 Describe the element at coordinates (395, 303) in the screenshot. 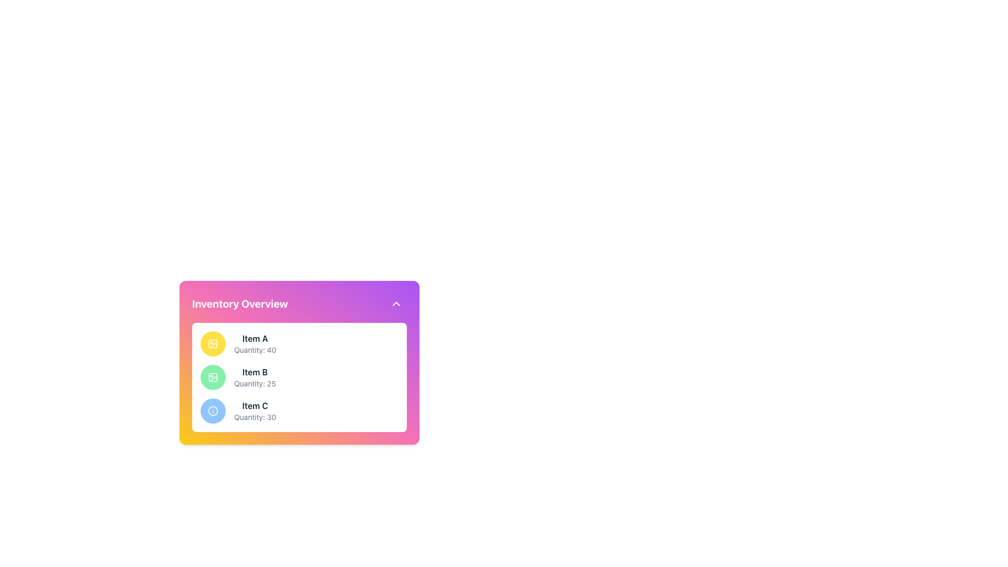

I see `the interactive icon located in the top-right corner of the 'Inventory Overview' card` at that location.